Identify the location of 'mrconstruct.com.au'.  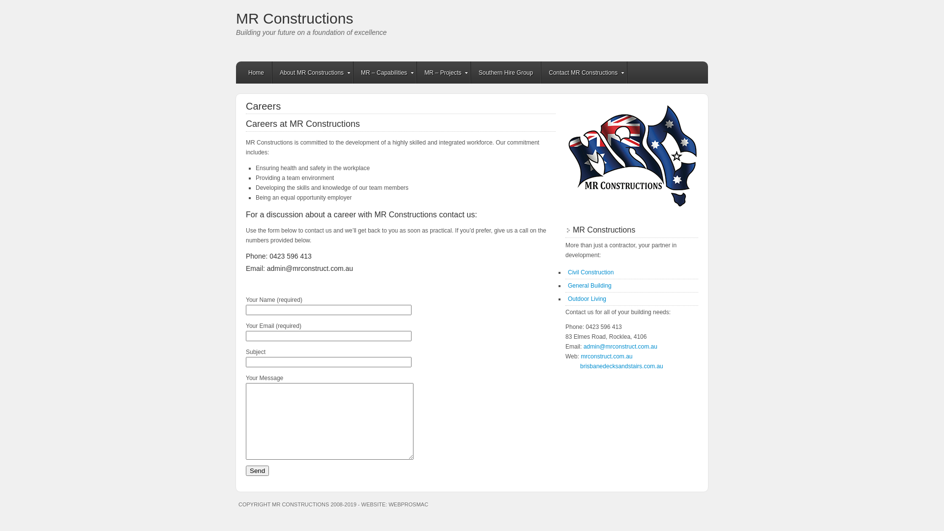
(606, 356).